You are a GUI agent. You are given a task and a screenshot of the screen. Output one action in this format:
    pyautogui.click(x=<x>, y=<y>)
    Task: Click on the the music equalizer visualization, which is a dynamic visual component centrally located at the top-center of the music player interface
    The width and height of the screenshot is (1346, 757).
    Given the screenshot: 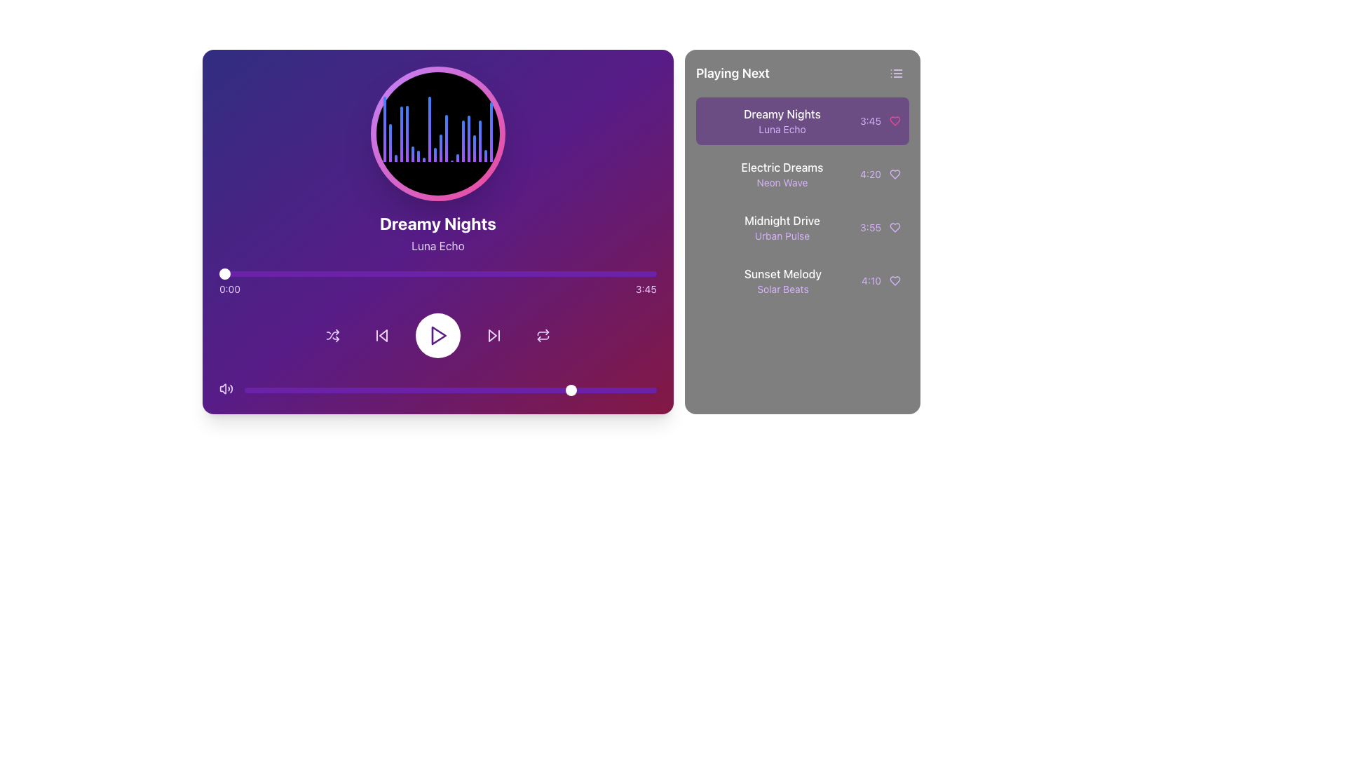 What is the action you would take?
    pyautogui.click(x=437, y=134)
    